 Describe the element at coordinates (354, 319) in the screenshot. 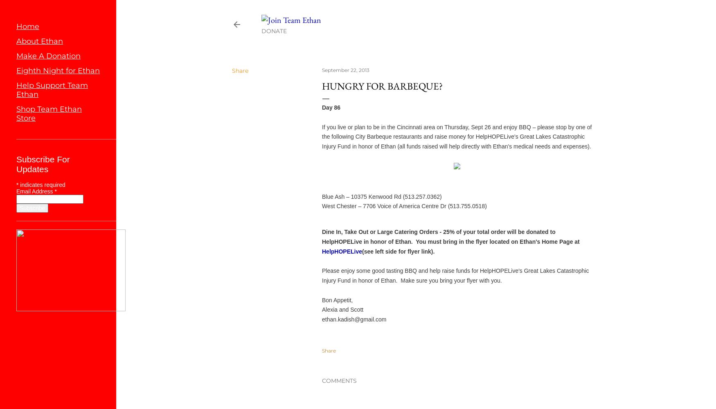

I see `'ethan.kadish@gmail.com'` at that location.